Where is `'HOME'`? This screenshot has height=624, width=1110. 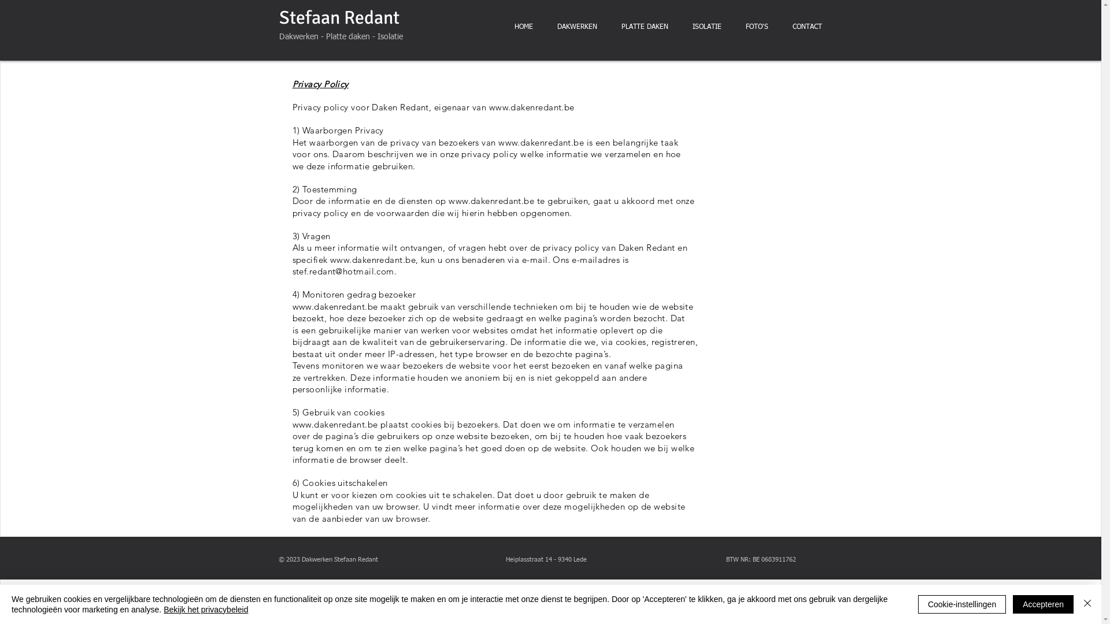
'HOME' is located at coordinates (523, 27).